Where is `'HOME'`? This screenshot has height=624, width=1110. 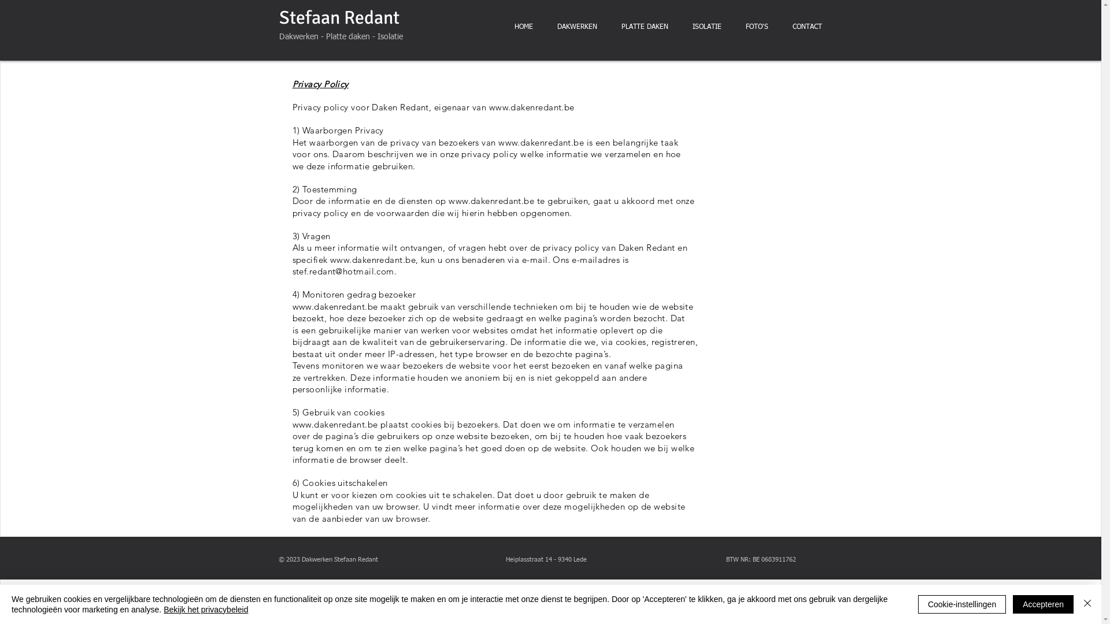
'HOME' is located at coordinates (523, 27).